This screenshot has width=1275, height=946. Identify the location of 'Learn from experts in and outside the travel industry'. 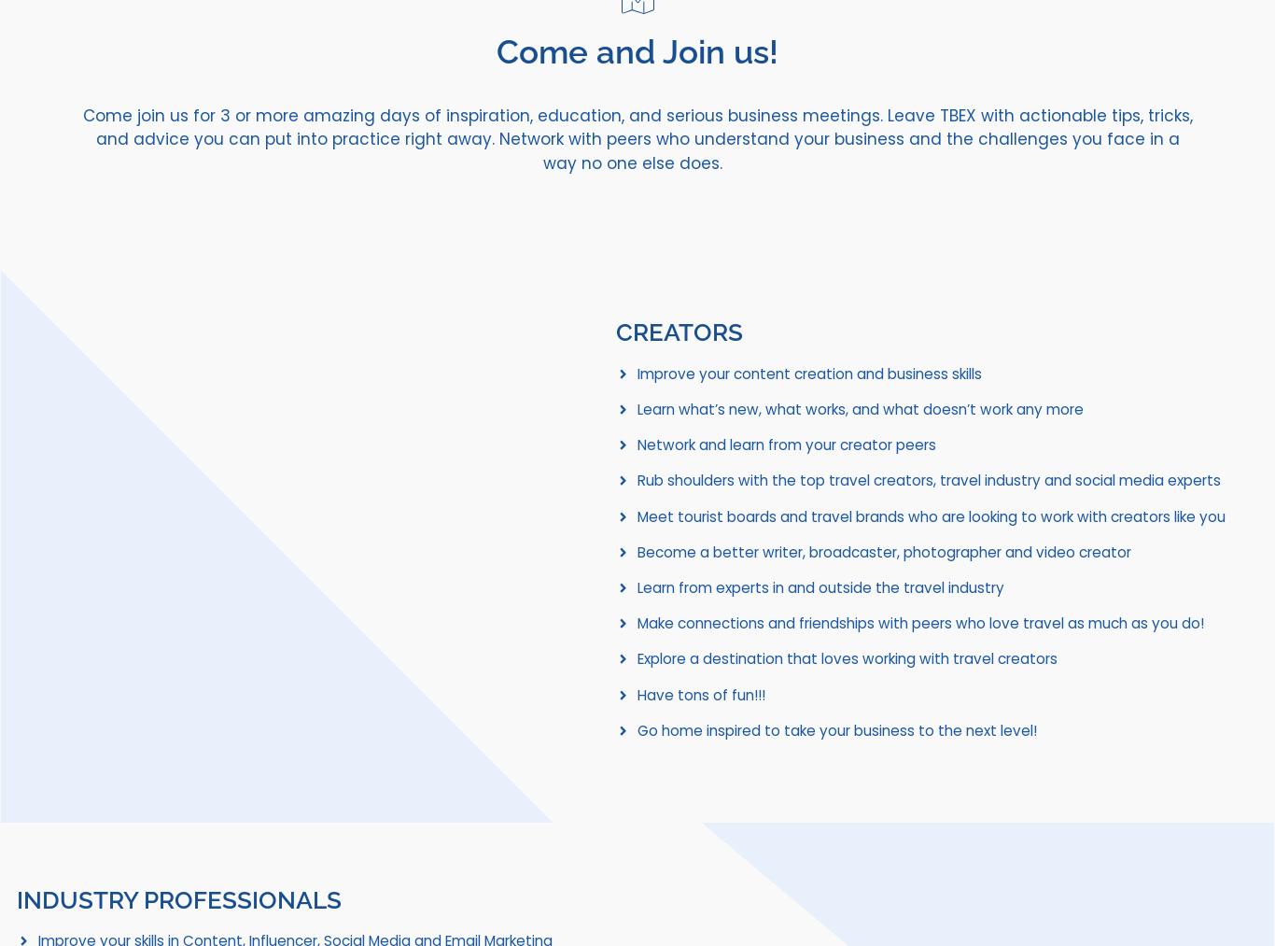
(820, 586).